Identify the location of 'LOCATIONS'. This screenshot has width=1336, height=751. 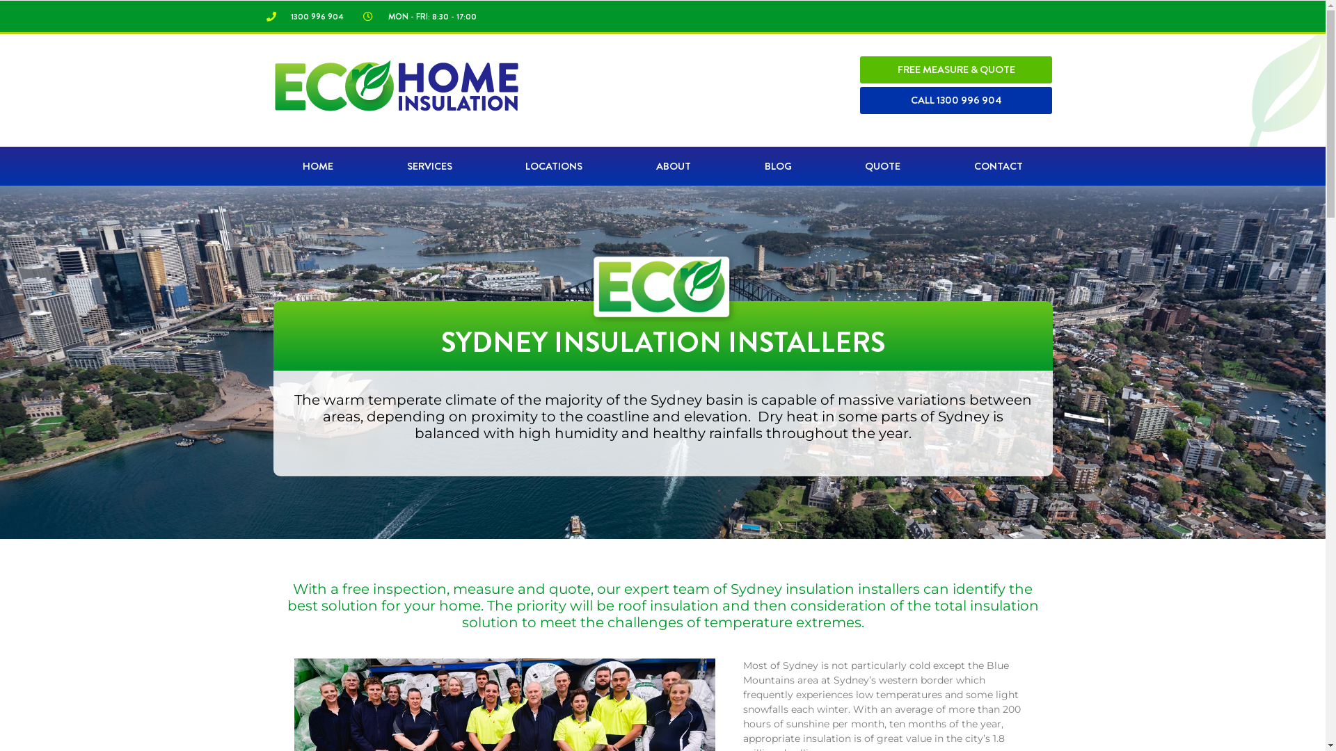
(488, 165).